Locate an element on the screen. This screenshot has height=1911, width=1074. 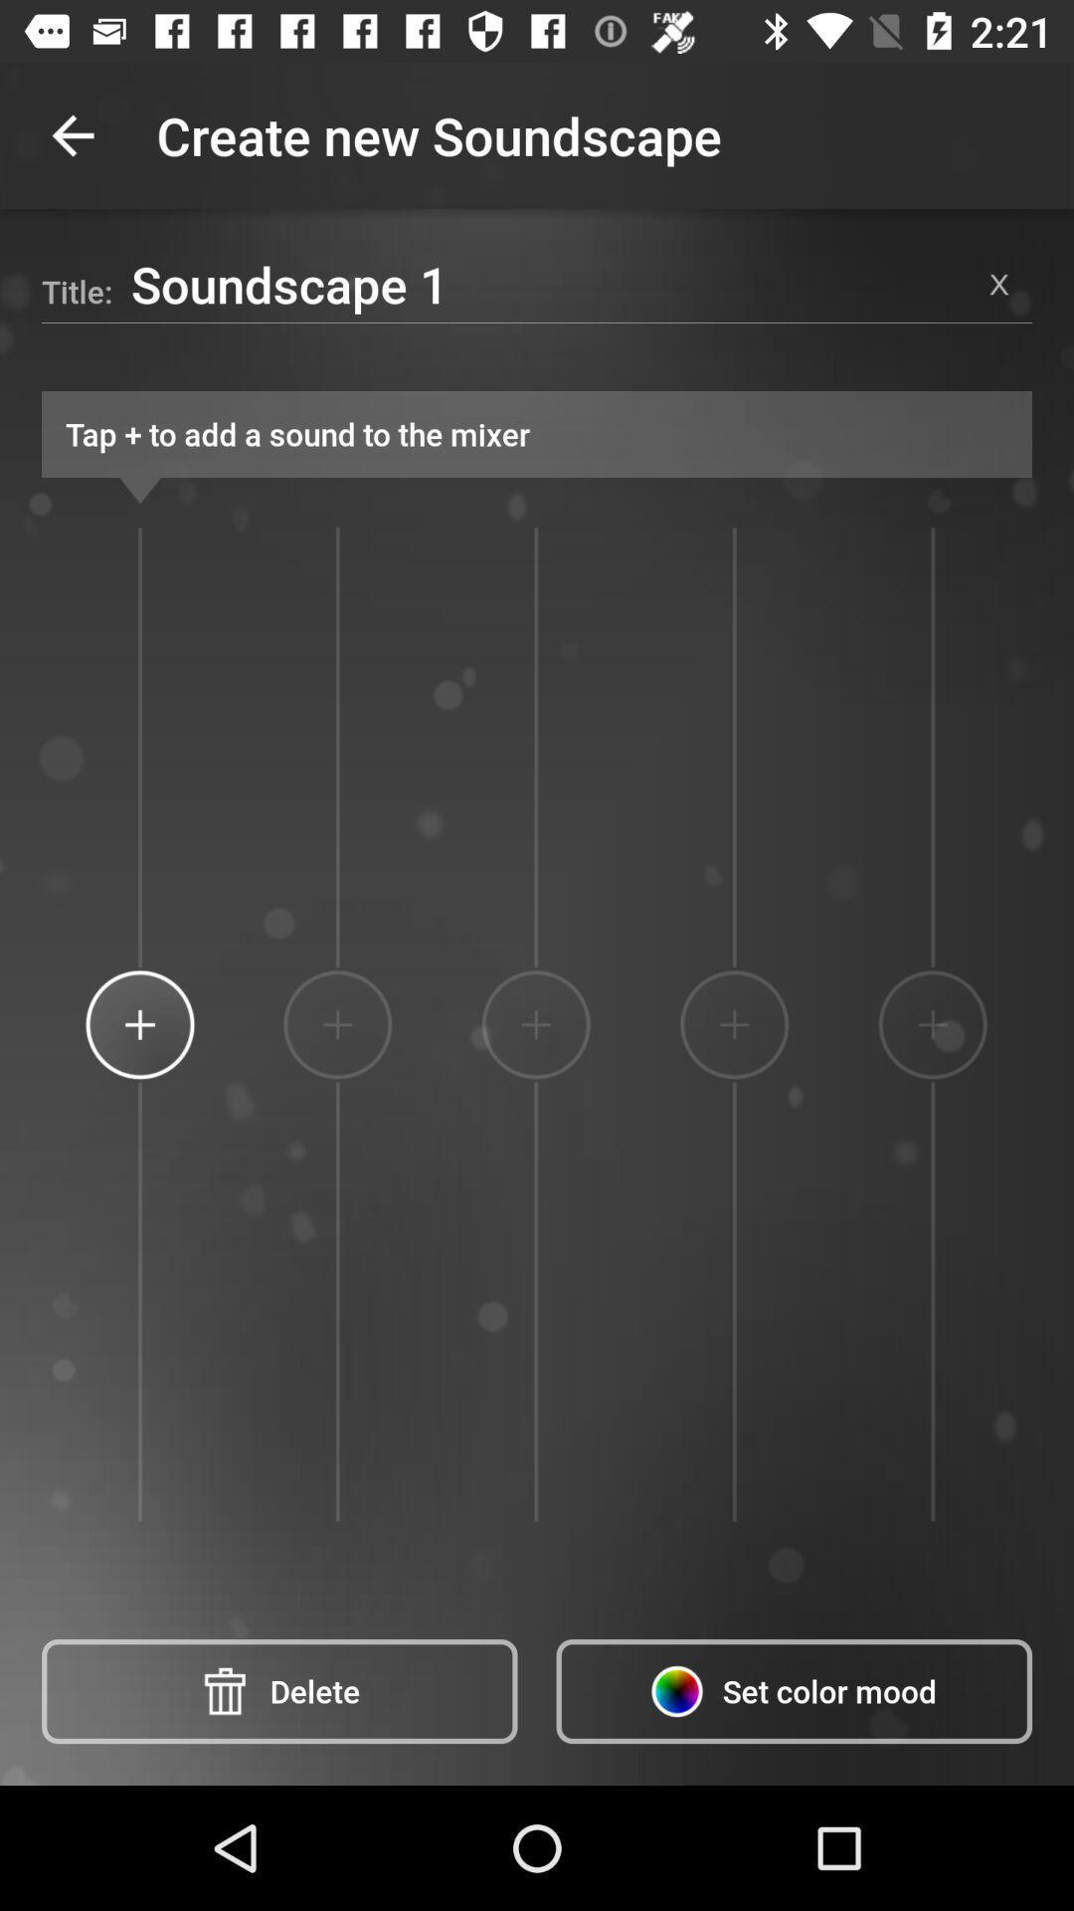
app to the left of the create new soundscape app is located at coordinates (72, 134).